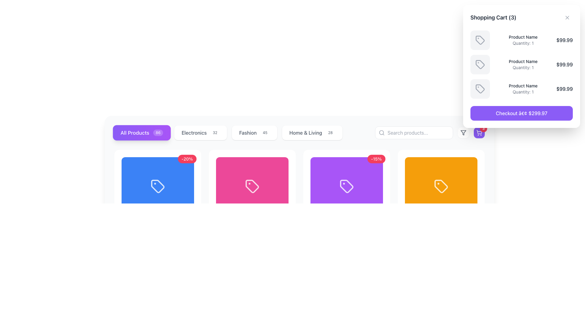 This screenshot has width=585, height=329. I want to click on the second product entry in the shopping cart, which displays the product name, quantity, and price, located in the top-right corner of the interface, so click(521, 65).